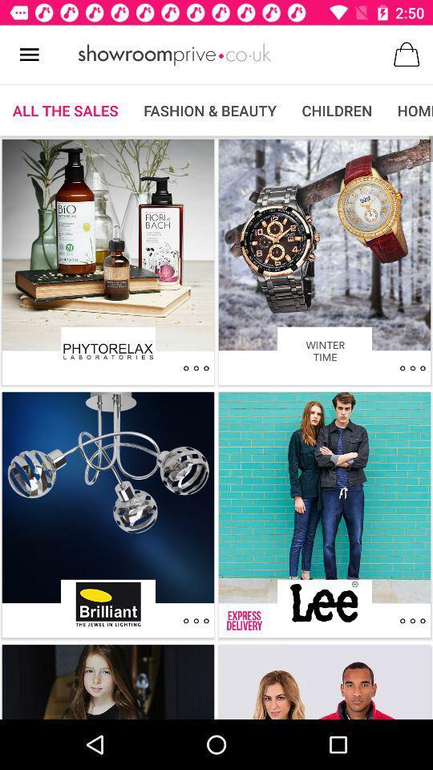 Image resolution: width=433 pixels, height=770 pixels. What do you see at coordinates (412, 368) in the screenshot?
I see `open item` at bounding box center [412, 368].